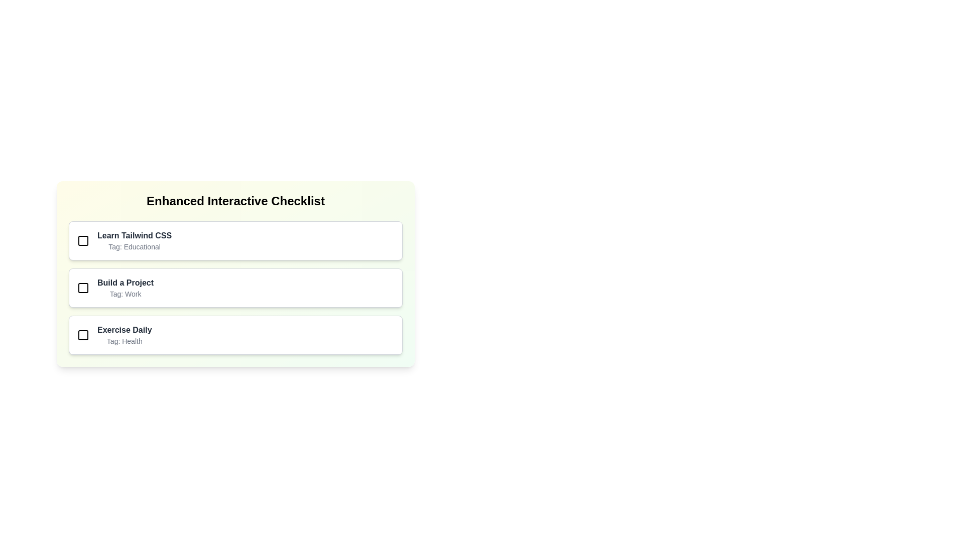 This screenshot has width=964, height=542. What do you see at coordinates (83, 240) in the screenshot?
I see `the unchecked checkbox icon located to the left of the text 'Learn Tailwind CSS'` at bounding box center [83, 240].